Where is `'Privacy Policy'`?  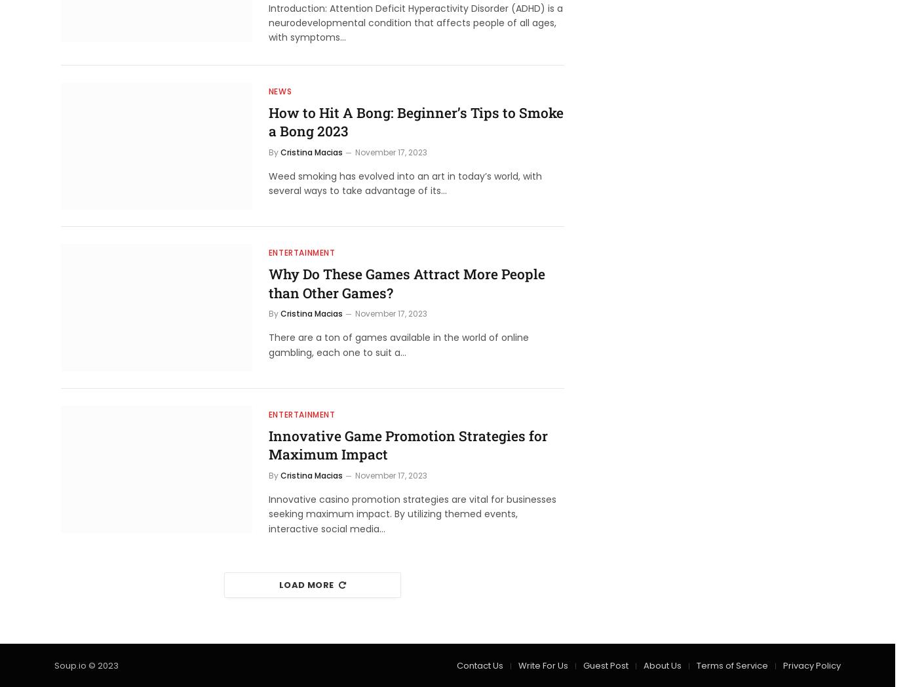 'Privacy Policy' is located at coordinates (782, 665).